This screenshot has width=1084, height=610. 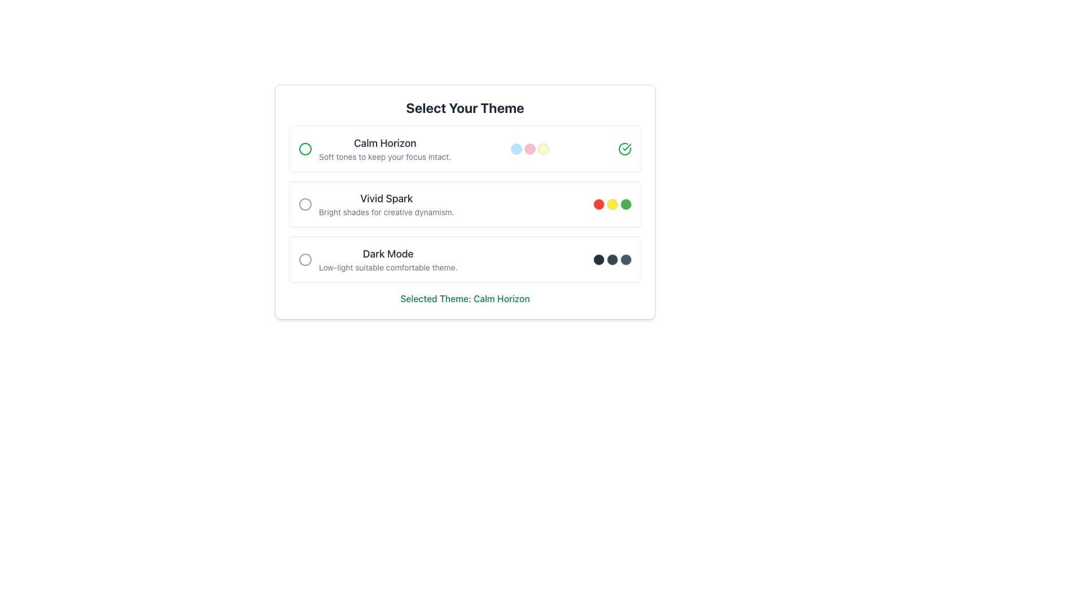 I want to click on the third circular UI indicator related to the 'Calm Horizon' theme in the 'Select Your Theme' section, so click(x=544, y=148).